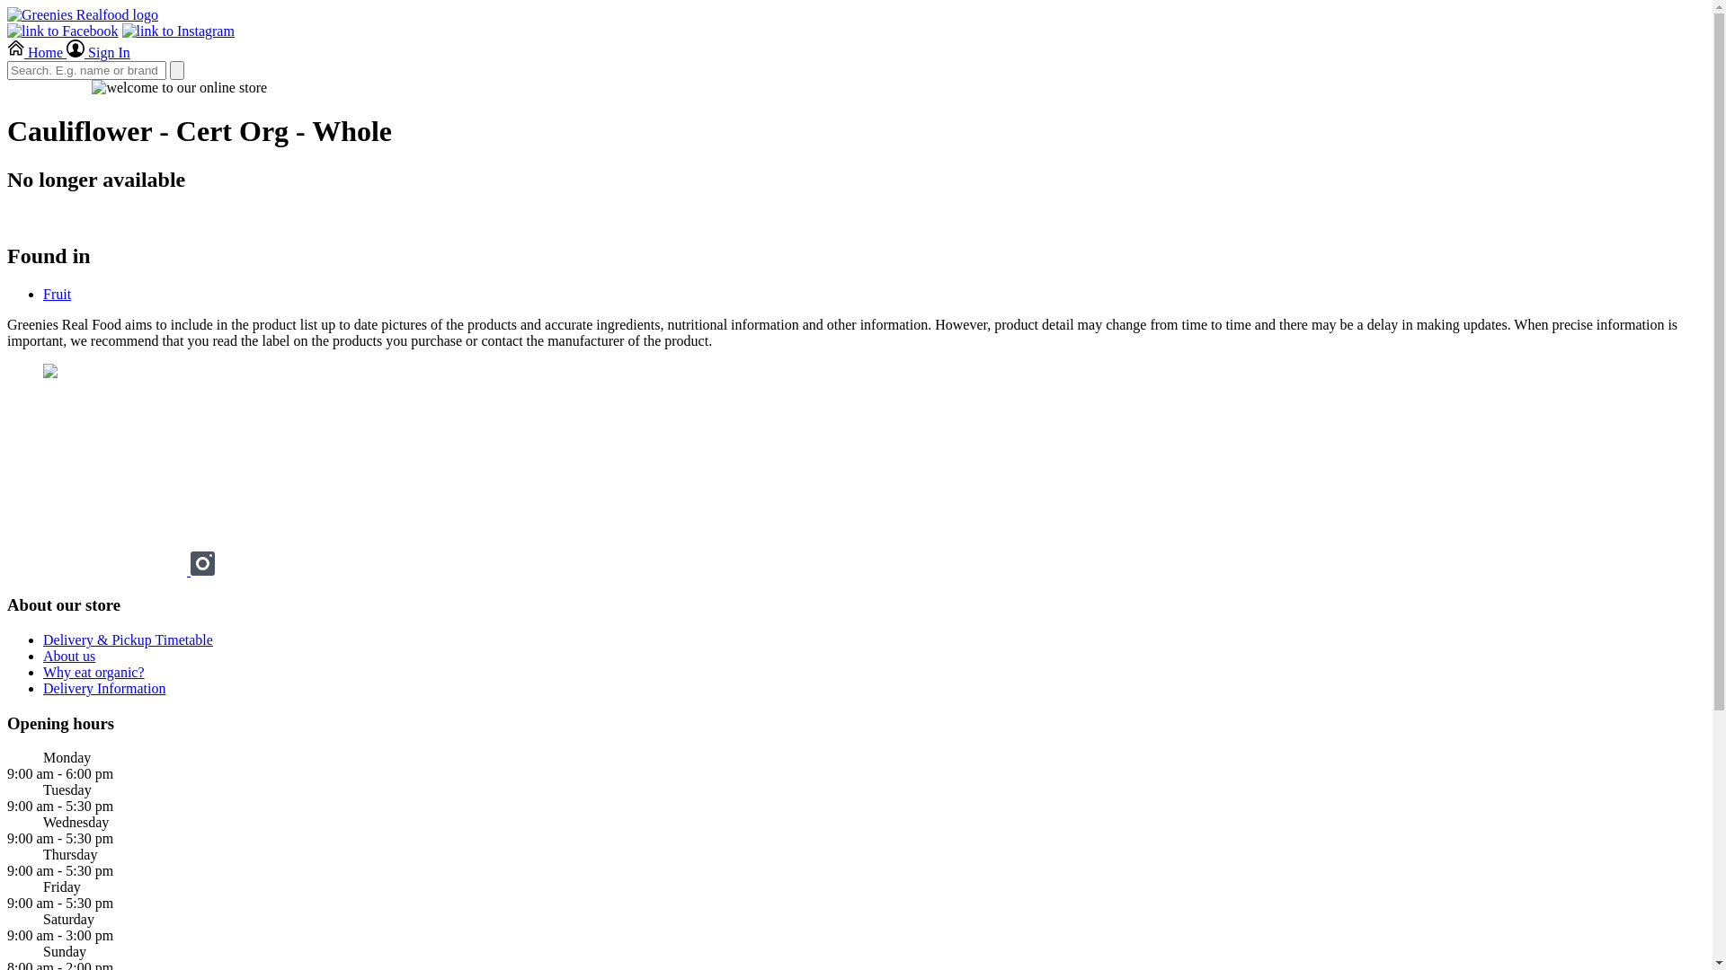  I want to click on 'About us', so click(68, 656).